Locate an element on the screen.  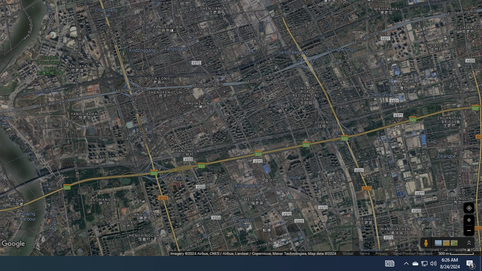
'Zoom in' is located at coordinates (468, 220).